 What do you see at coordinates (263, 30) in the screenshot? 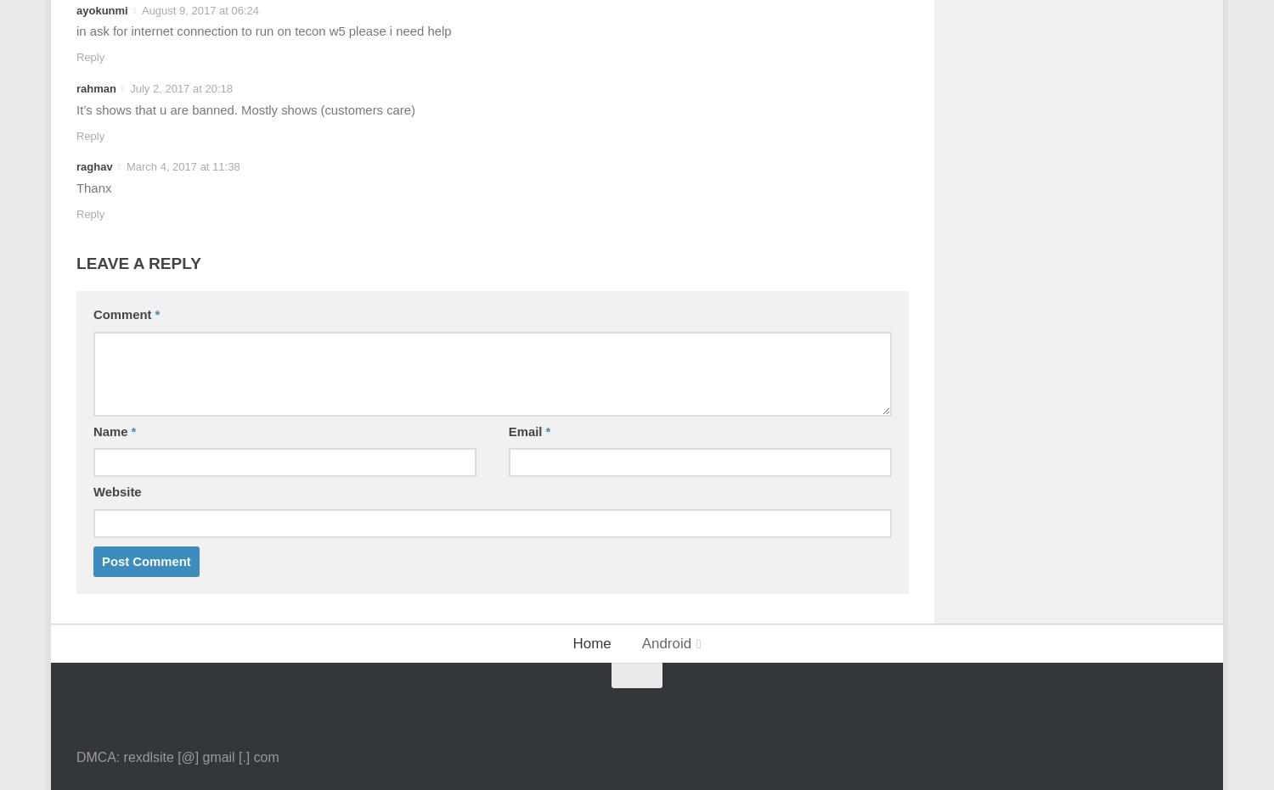
I see `'in ask for internet connection to run on tecon w5 please i need help'` at bounding box center [263, 30].